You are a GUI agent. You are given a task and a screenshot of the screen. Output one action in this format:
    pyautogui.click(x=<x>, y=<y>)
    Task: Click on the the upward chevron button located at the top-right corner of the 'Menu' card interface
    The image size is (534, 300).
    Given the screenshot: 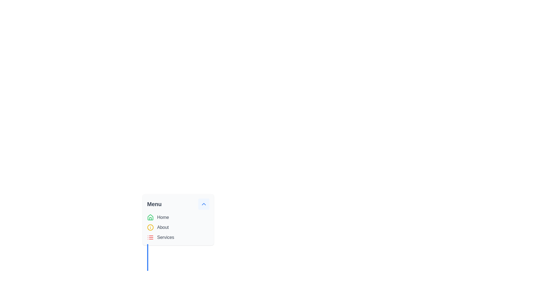 What is the action you would take?
    pyautogui.click(x=204, y=204)
    